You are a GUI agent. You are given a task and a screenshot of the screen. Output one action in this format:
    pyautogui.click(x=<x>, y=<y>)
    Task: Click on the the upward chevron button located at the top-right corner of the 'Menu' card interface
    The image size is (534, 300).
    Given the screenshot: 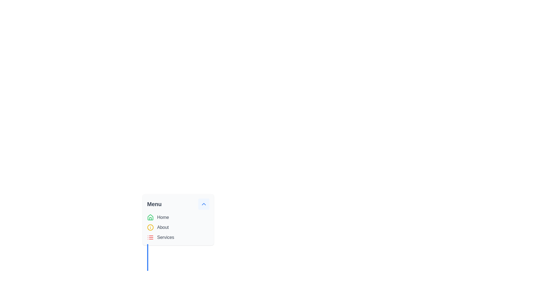 What is the action you would take?
    pyautogui.click(x=204, y=204)
    